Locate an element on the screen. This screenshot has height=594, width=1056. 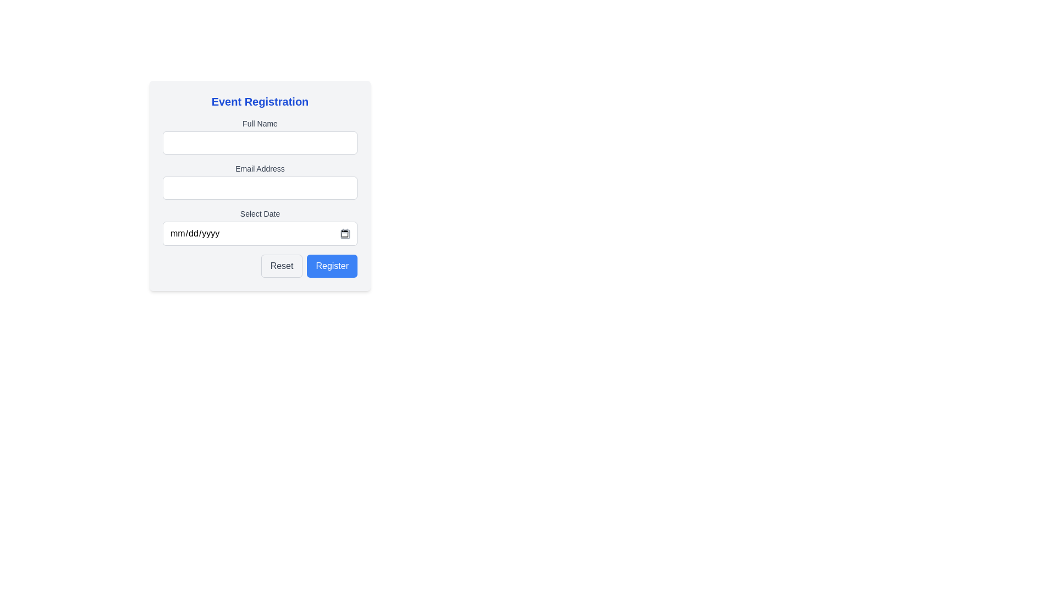
the second button in the bottom-right corner of the registration form is located at coordinates (332, 266).